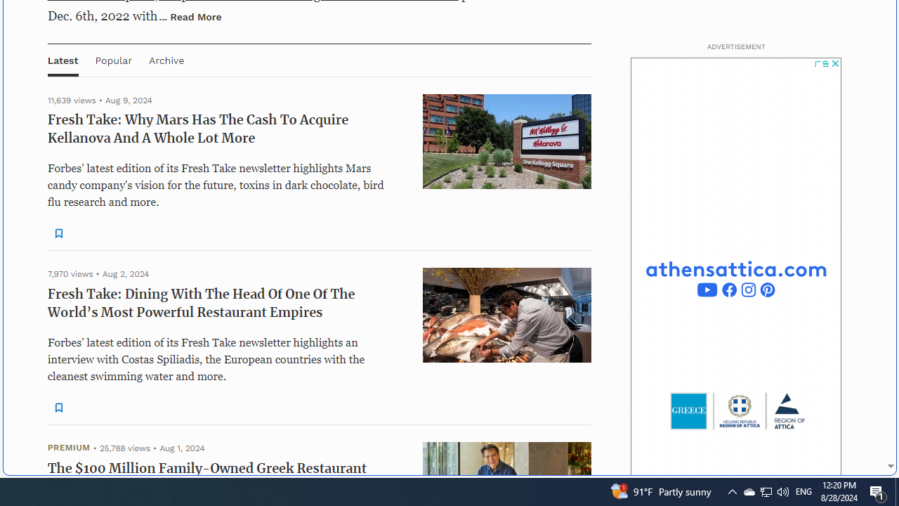  I want to click on 'Class: sElHJWe4 NQX0jJYe', so click(58, 407).